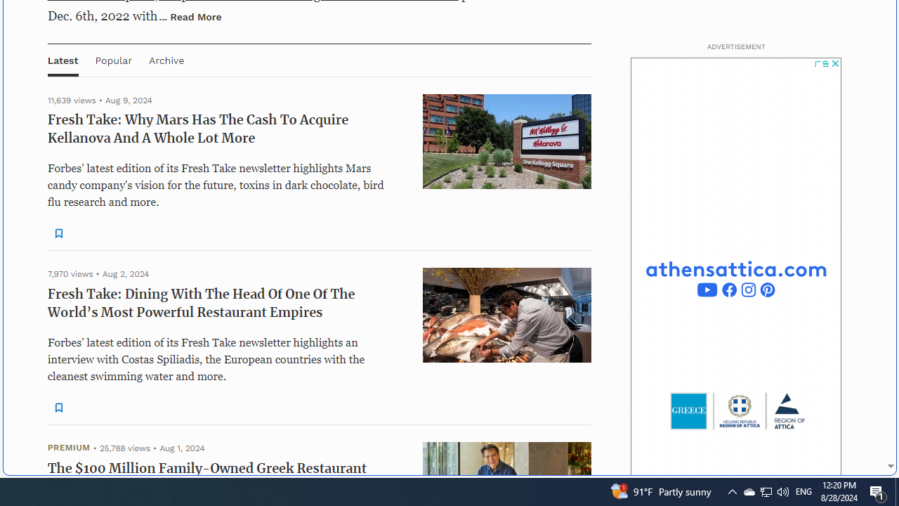  I want to click on 'Class: sElHJWe4 NQX0jJYe', so click(58, 407).